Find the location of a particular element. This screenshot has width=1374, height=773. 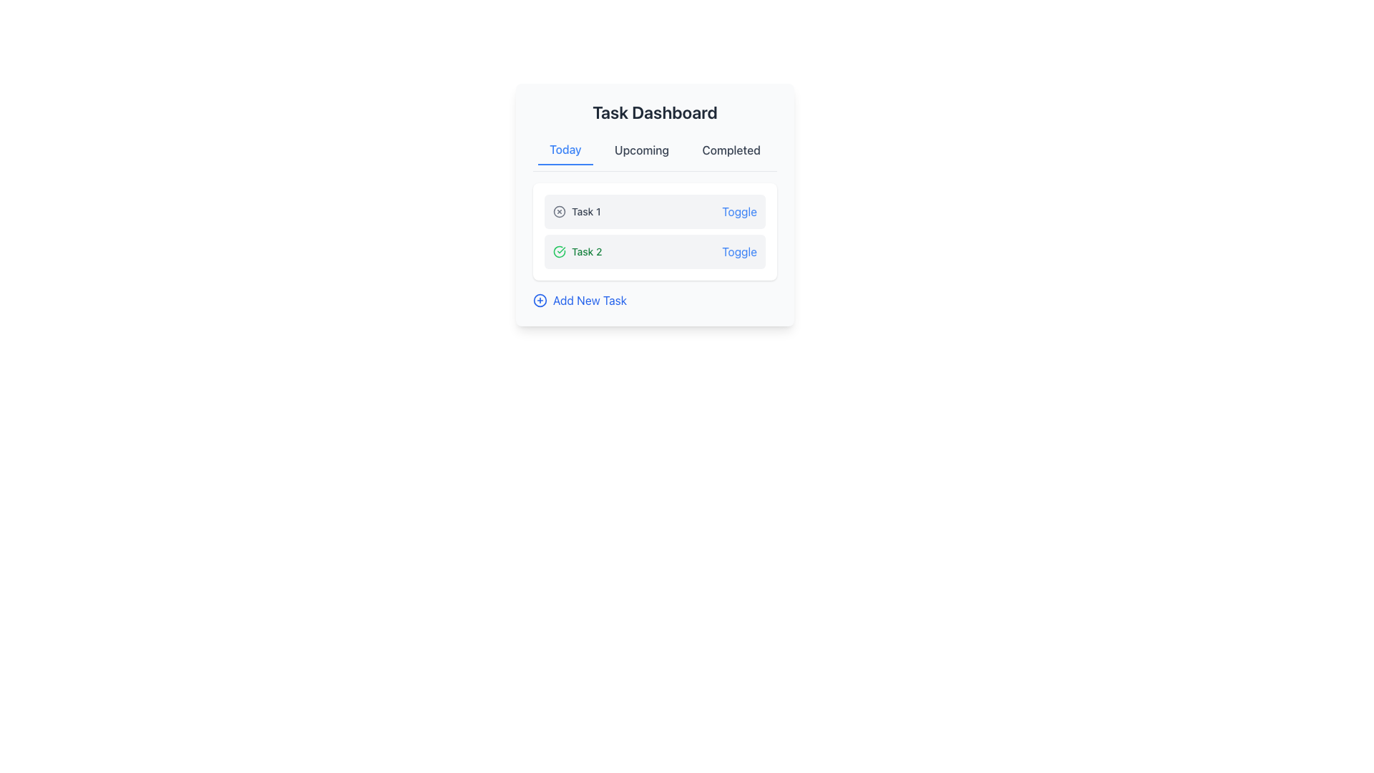

the circular visual marker icon located in the second task row under the 'Today' header in the Task Dashboard is located at coordinates (559, 251).